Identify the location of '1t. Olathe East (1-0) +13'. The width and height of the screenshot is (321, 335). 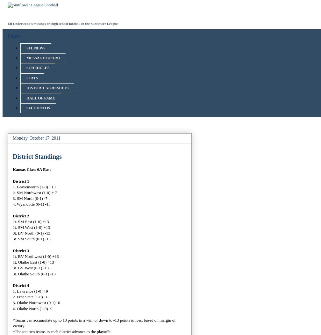
(33, 262).